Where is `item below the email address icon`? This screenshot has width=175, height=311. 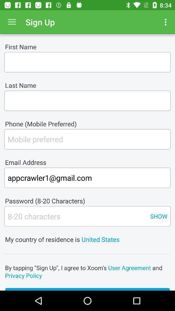
item below the email address icon is located at coordinates (87, 178).